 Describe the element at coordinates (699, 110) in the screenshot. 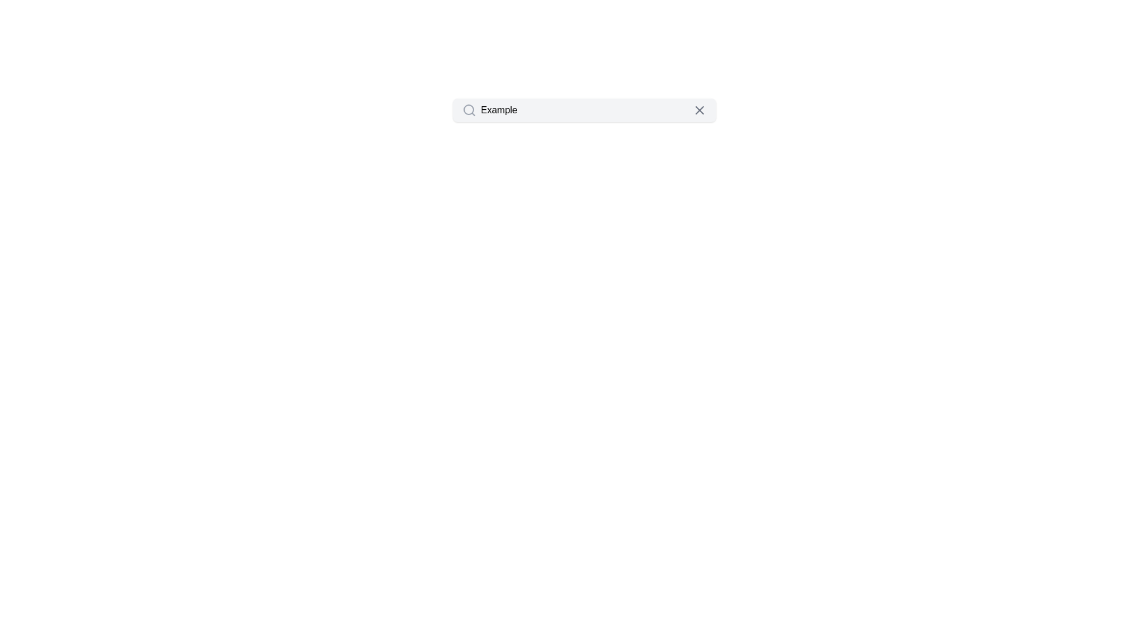

I see `the clear button located at the far right of the search bar to clear the content of the associated input field` at that location.